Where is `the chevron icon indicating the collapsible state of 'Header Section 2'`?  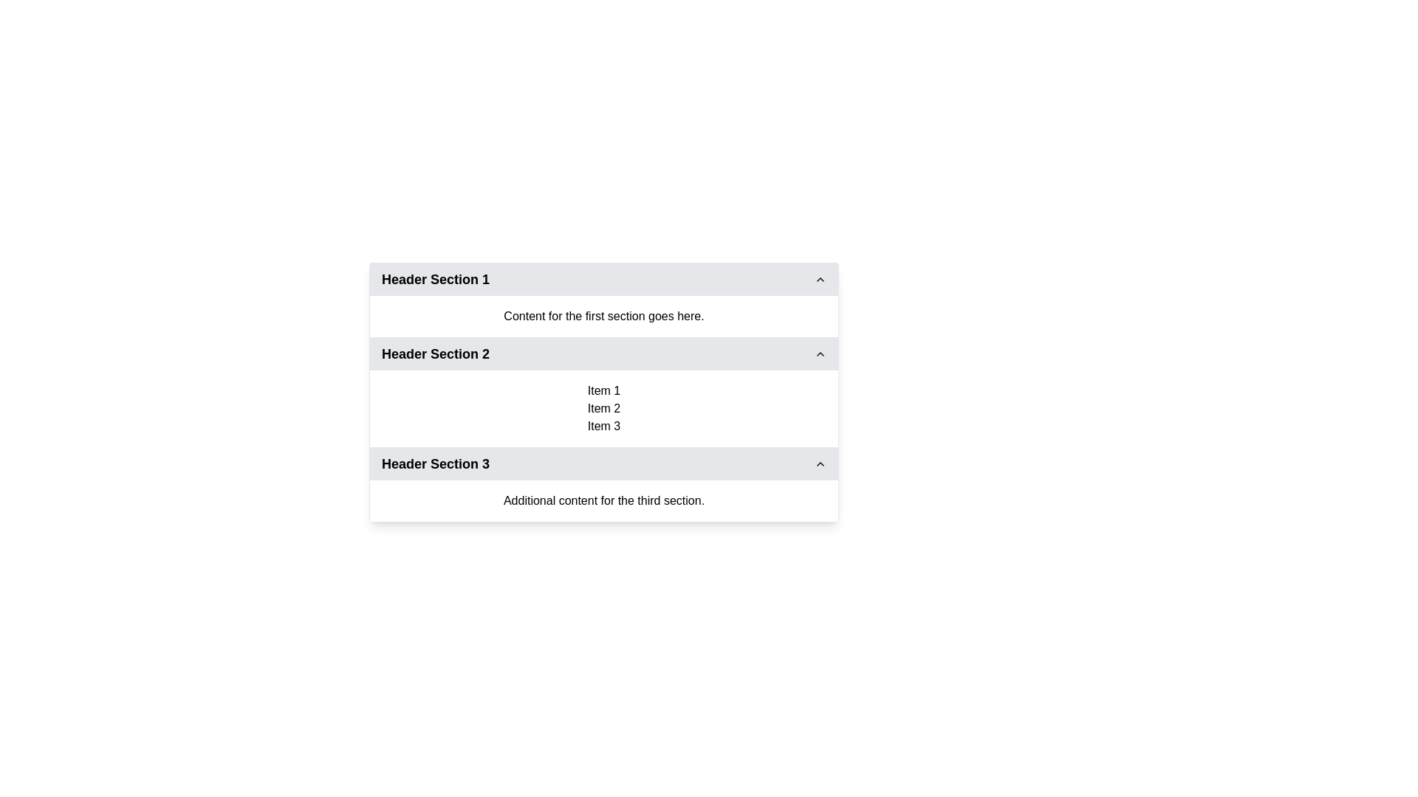
the chevron icon indicating the collapsible state of 'Header Section 2' is located at coordinates (819, 353).